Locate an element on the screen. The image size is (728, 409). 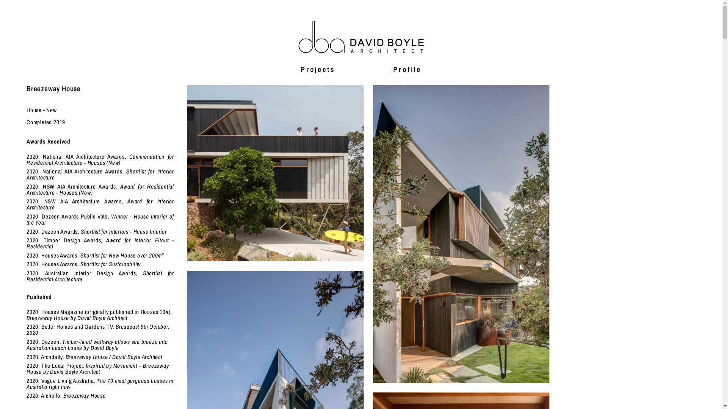
'2020, Archdaily, Breezeway House / David Boyle Architect' is located at coordinates (94, 357).